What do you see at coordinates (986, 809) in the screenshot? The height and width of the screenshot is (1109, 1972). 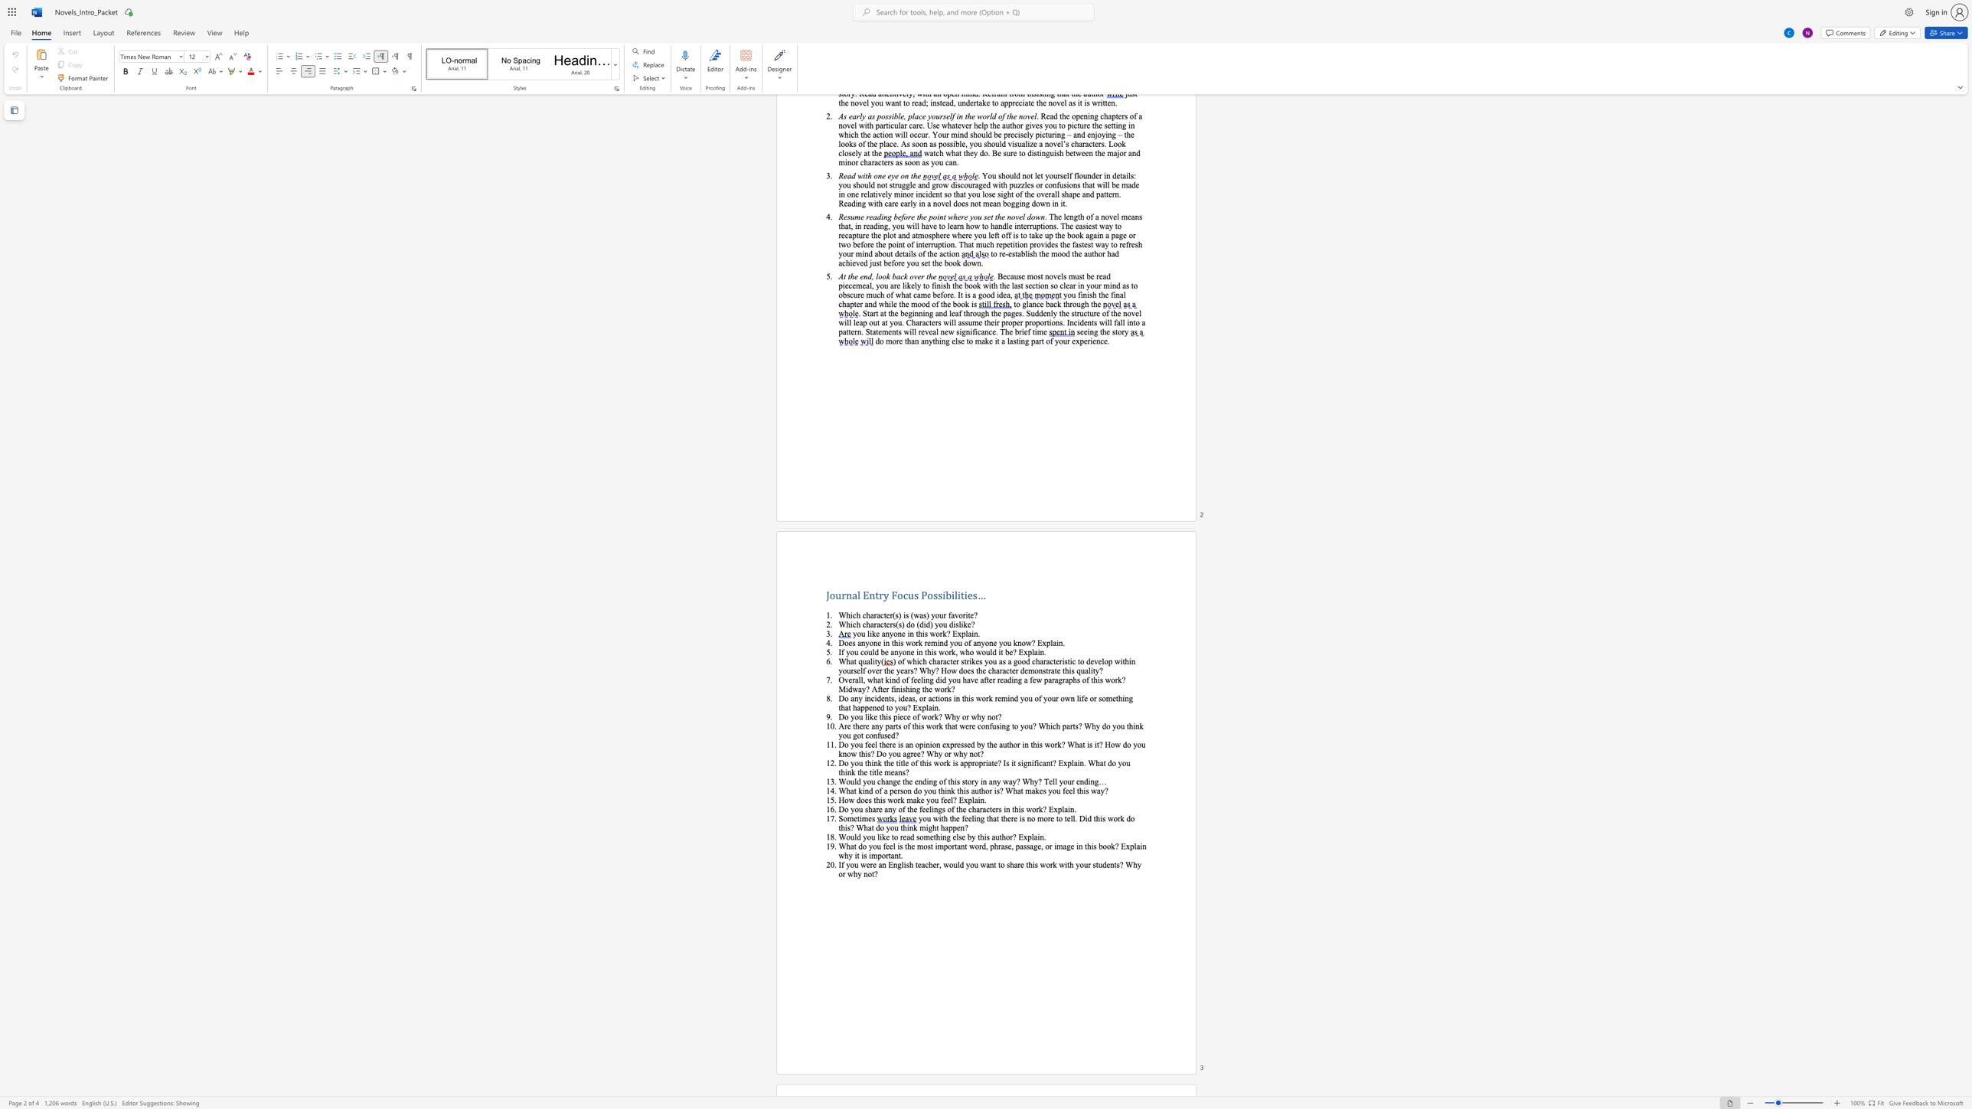 I see `the subset text "cter" within the text "Do you share any of the feelings of the characters in this work? Explain."` at bounding box center [986, 809].